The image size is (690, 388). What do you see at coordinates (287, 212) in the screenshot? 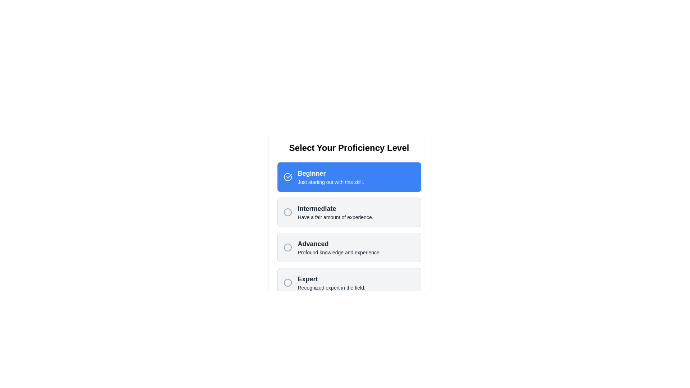
I see `the circular icon with a hollow center and a delicate gray outline located in the 'Intermediate' section of the proficiency levels list` at bounding box center [287, 212].